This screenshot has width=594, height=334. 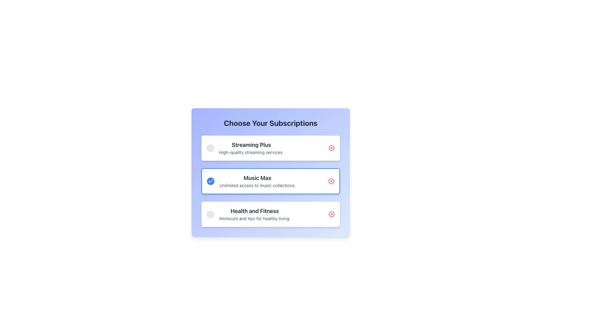 What do you see at coordinates (248, 214) in the screenshot?
I see `the 'Health and Fitness' subscription category list item` at bounding box center [248, 214].